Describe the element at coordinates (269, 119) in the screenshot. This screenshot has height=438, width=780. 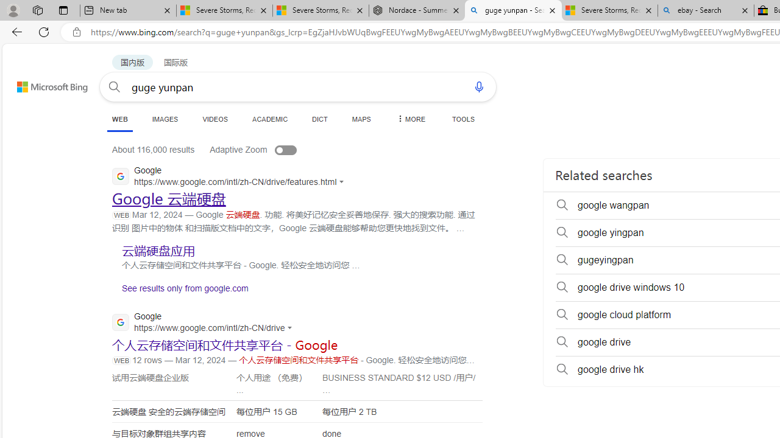
I see `'ACADEMIC'` at that location.